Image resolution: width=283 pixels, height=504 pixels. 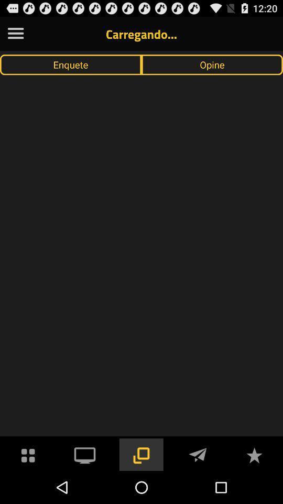 I want to click on send the item, so click(x=198, y=454).